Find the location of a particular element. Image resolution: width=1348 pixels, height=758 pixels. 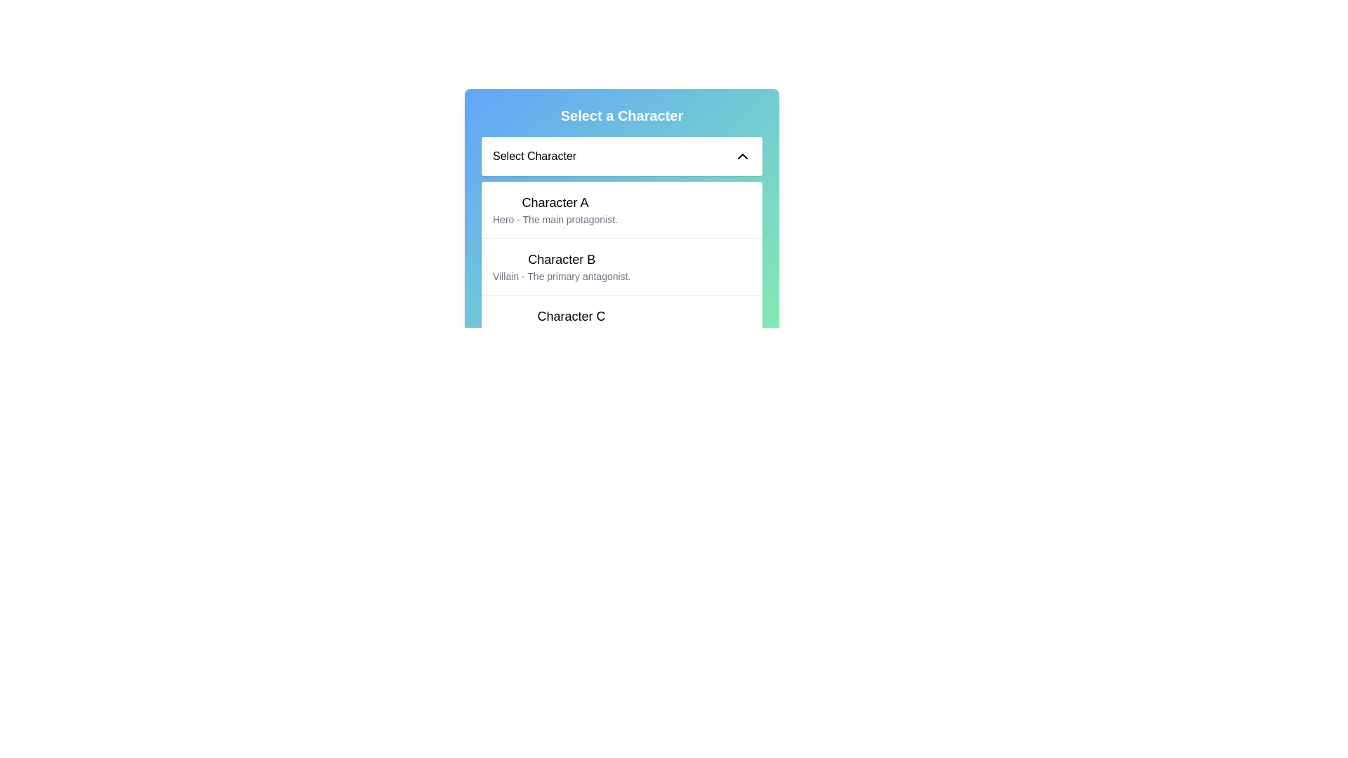

the list item labeled 'Character B' within the dropdown menu is located at coordinates (621, 243).